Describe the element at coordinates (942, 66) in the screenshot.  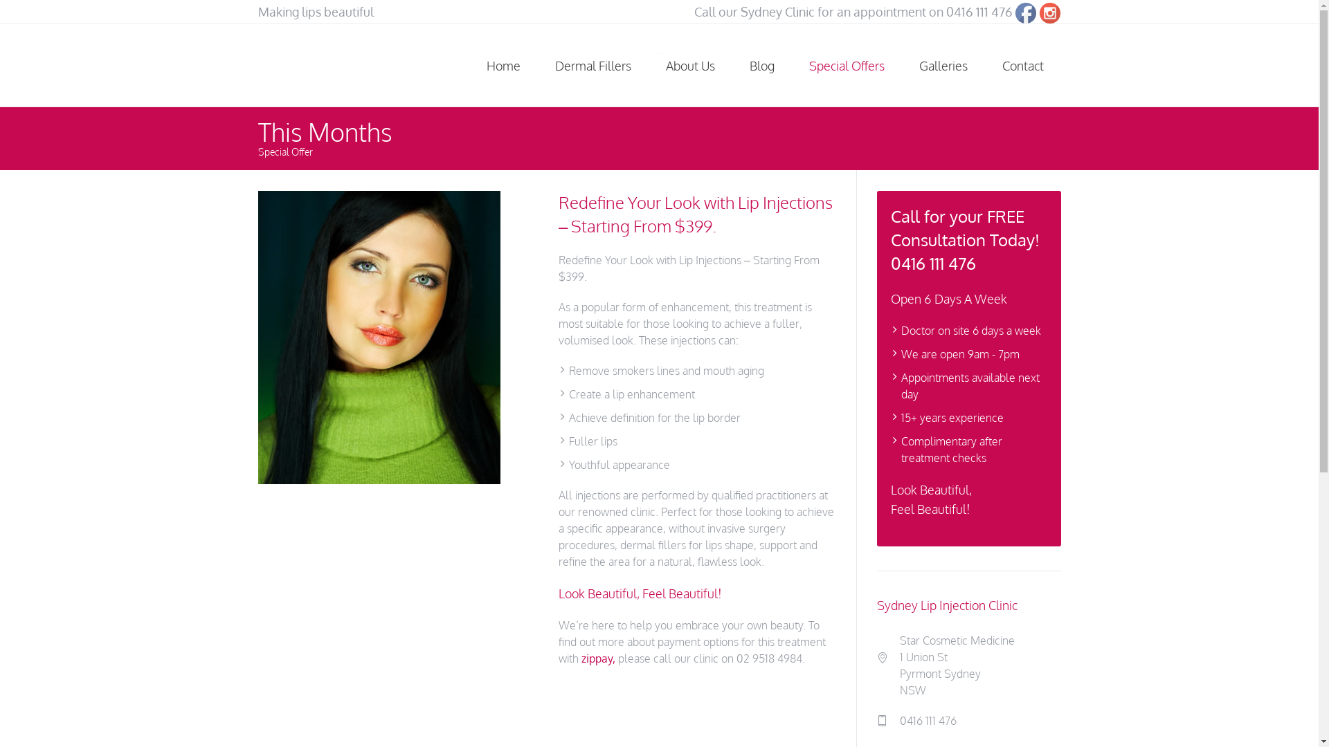
I see `'Galleries'` at that location.